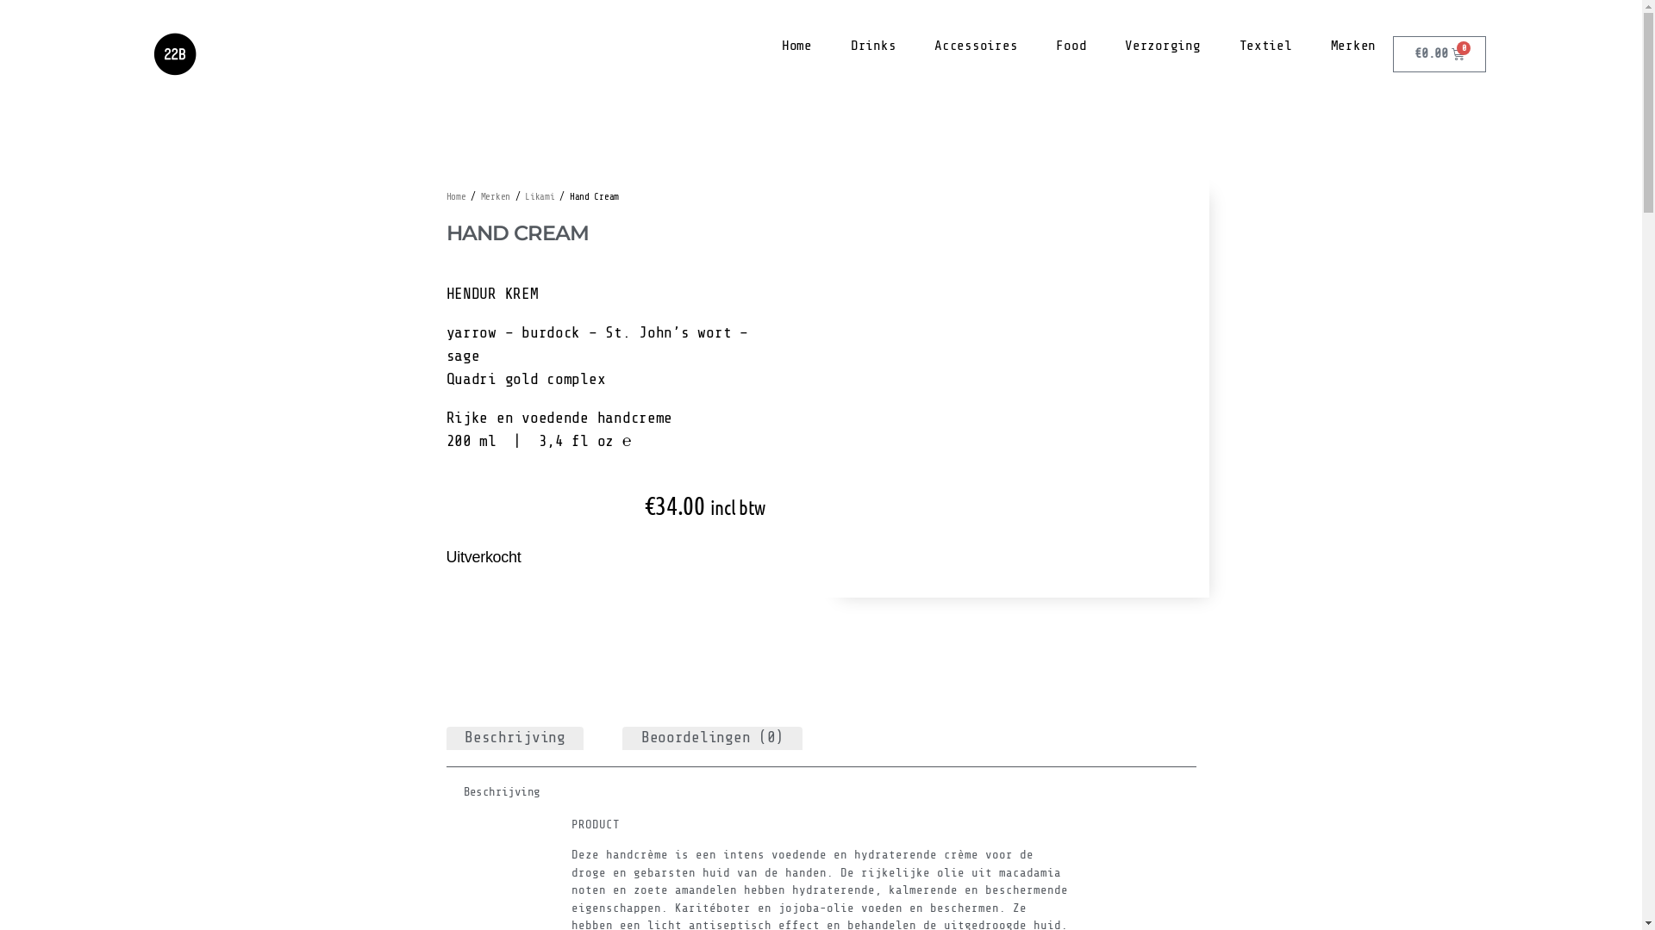  I want to click on 'Food', so click(1070, 45).